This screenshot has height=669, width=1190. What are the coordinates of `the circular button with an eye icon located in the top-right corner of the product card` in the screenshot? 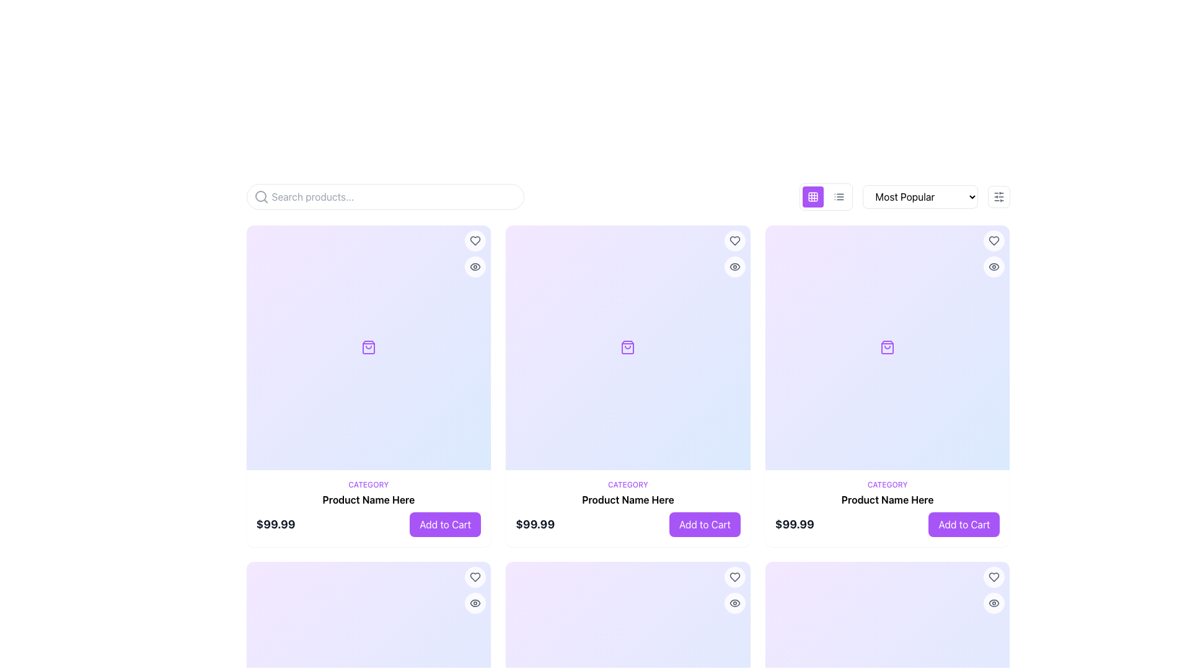 It's located at (994, 602).